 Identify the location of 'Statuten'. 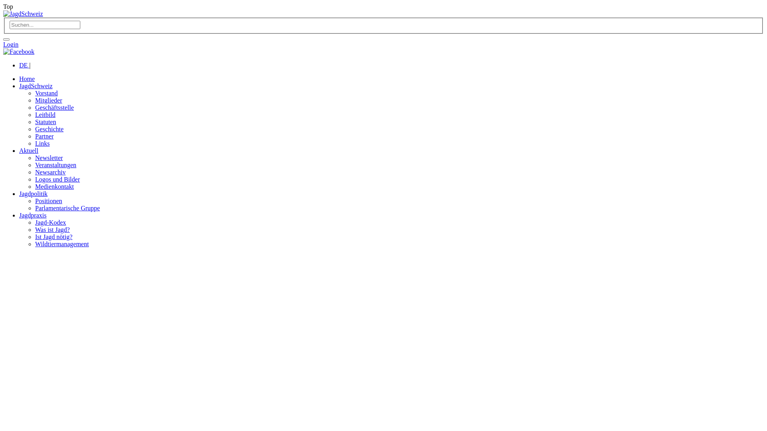
(34, 122).